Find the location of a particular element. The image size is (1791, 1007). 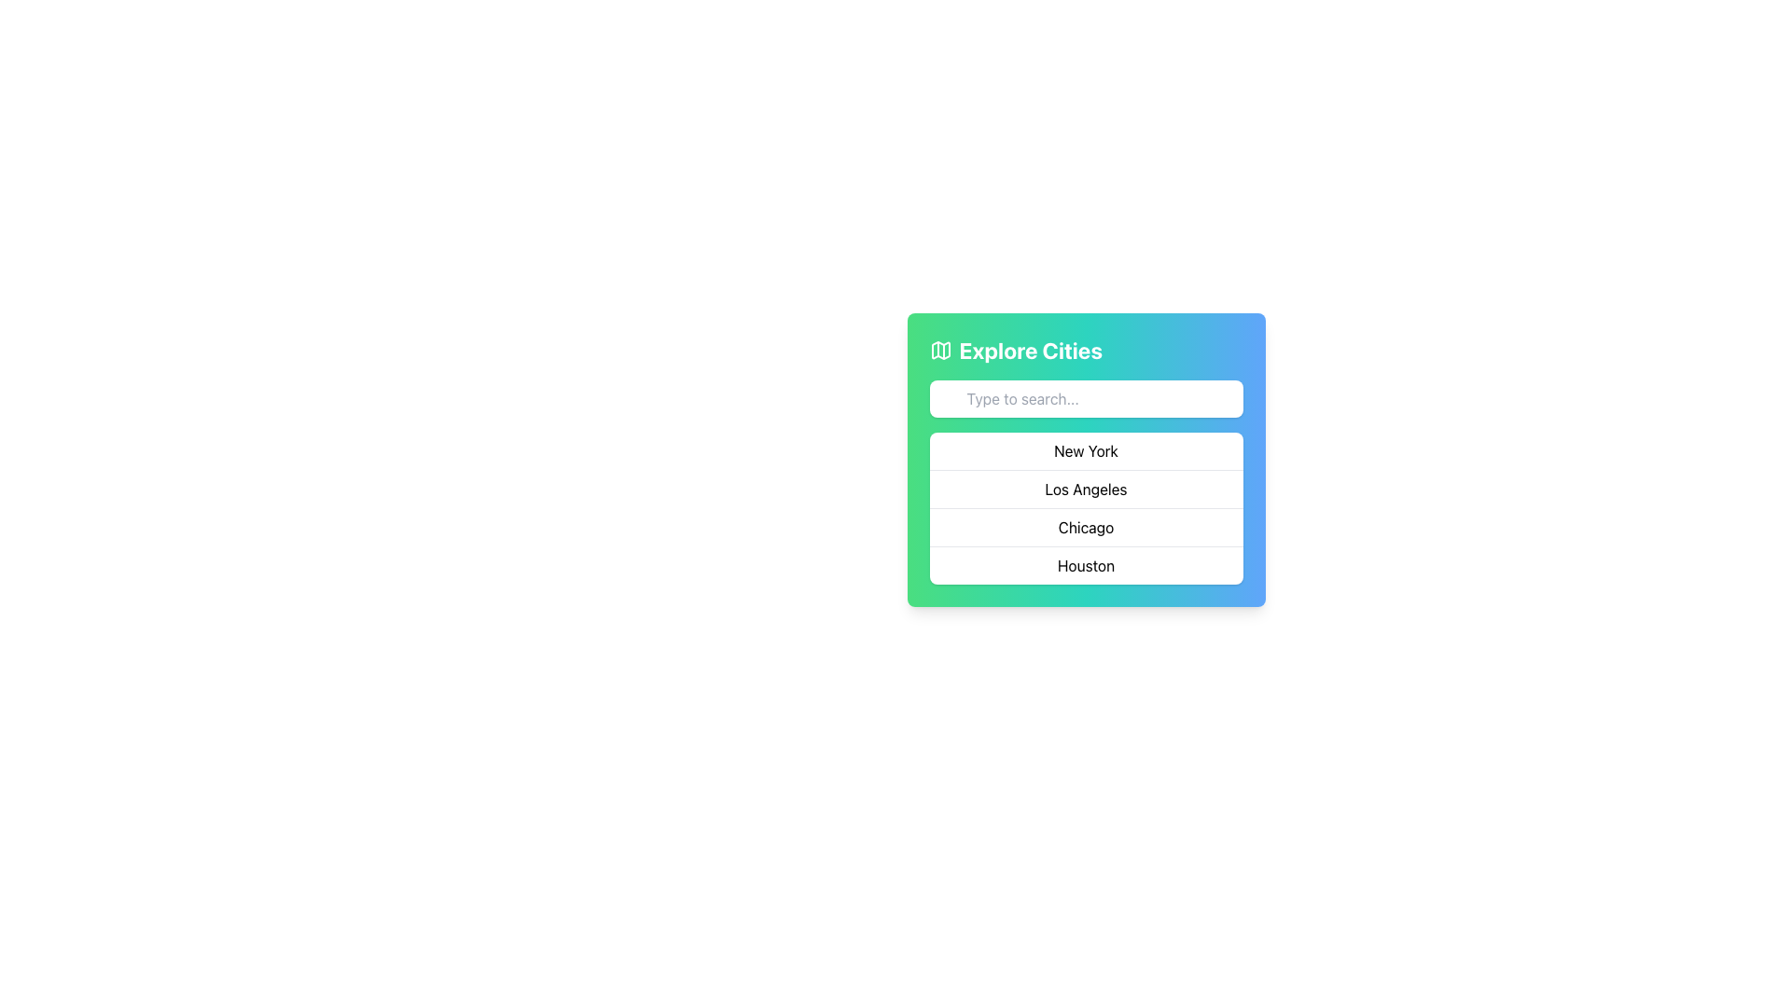

the decorative icon representing exploration, located to the left of the 'Explore Cities' title text in the top left portion of the card area is located at coordinates (940, 350).